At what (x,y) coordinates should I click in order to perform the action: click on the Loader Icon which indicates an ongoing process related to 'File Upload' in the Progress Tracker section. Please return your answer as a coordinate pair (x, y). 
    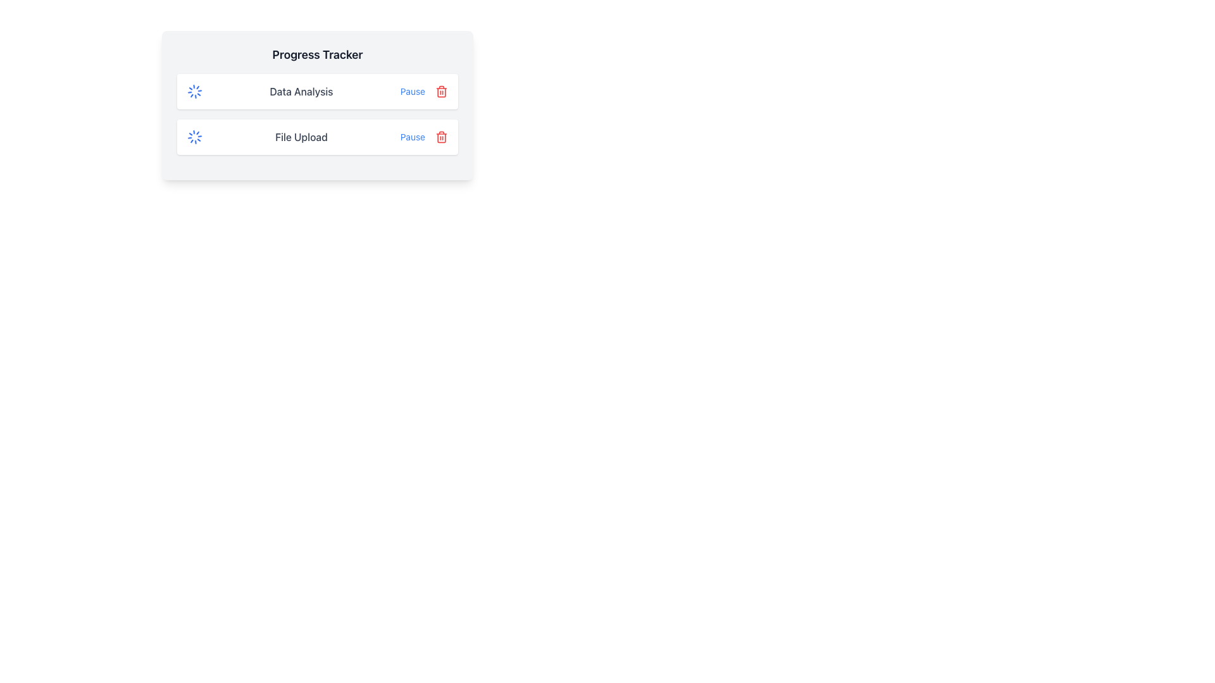
    Looking at the image, I should click on (194, 137).